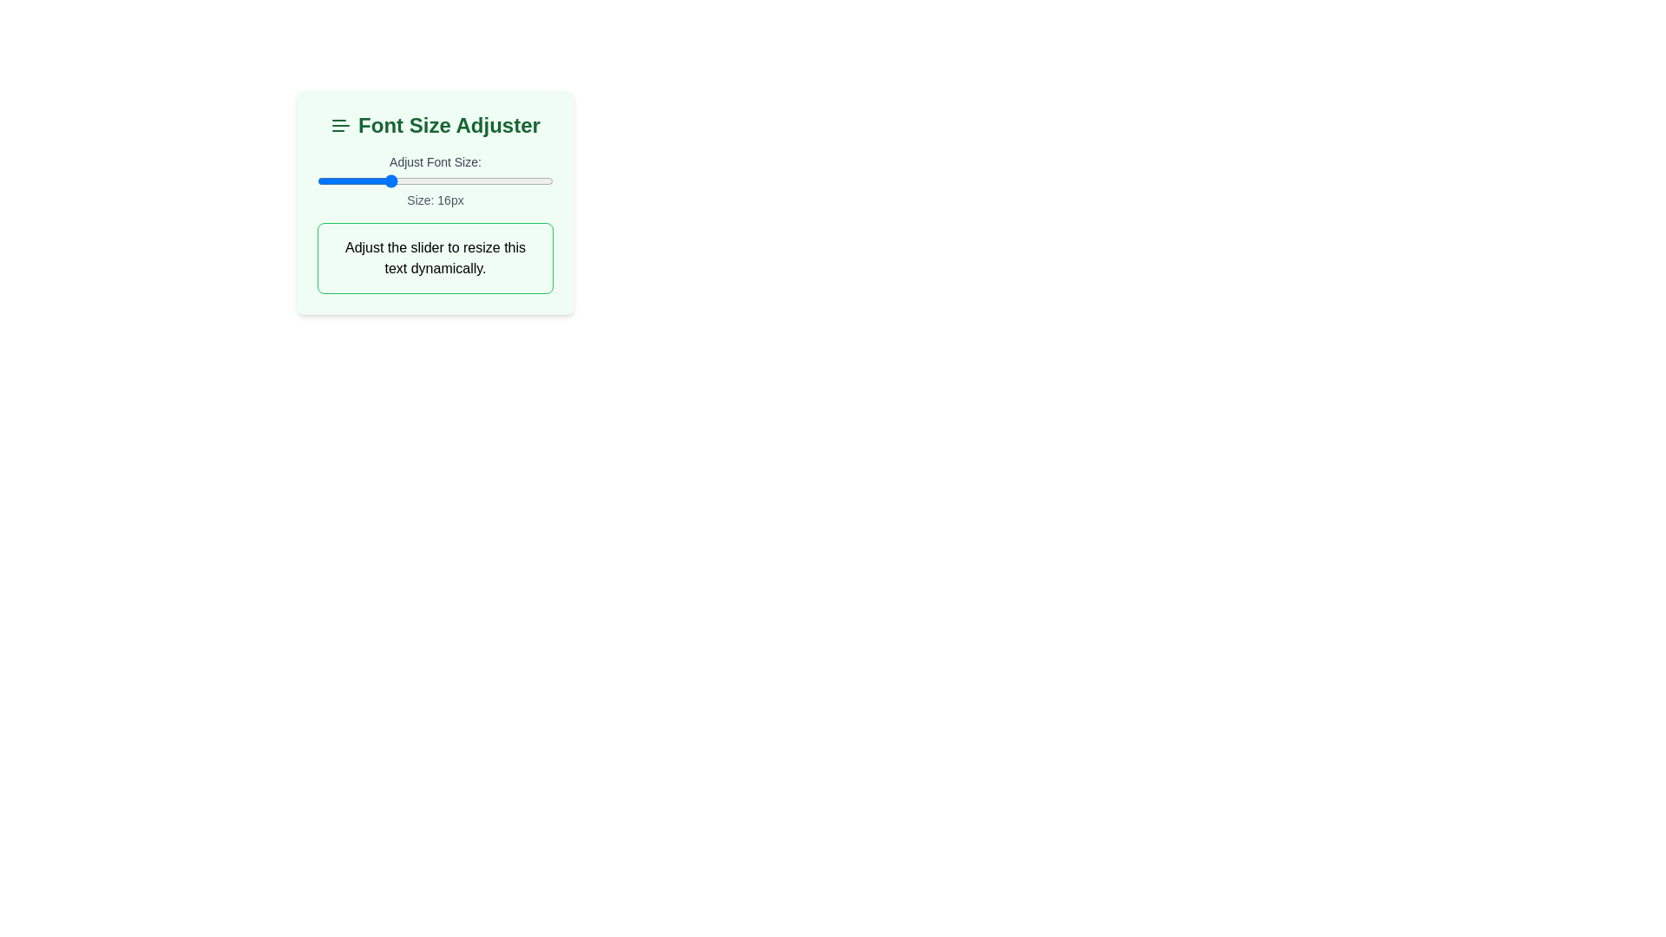  What do you see at coordinates (470, 180) in the screenshot?
I see `the font size slider to 23 px` at bounding box center [470, 180].